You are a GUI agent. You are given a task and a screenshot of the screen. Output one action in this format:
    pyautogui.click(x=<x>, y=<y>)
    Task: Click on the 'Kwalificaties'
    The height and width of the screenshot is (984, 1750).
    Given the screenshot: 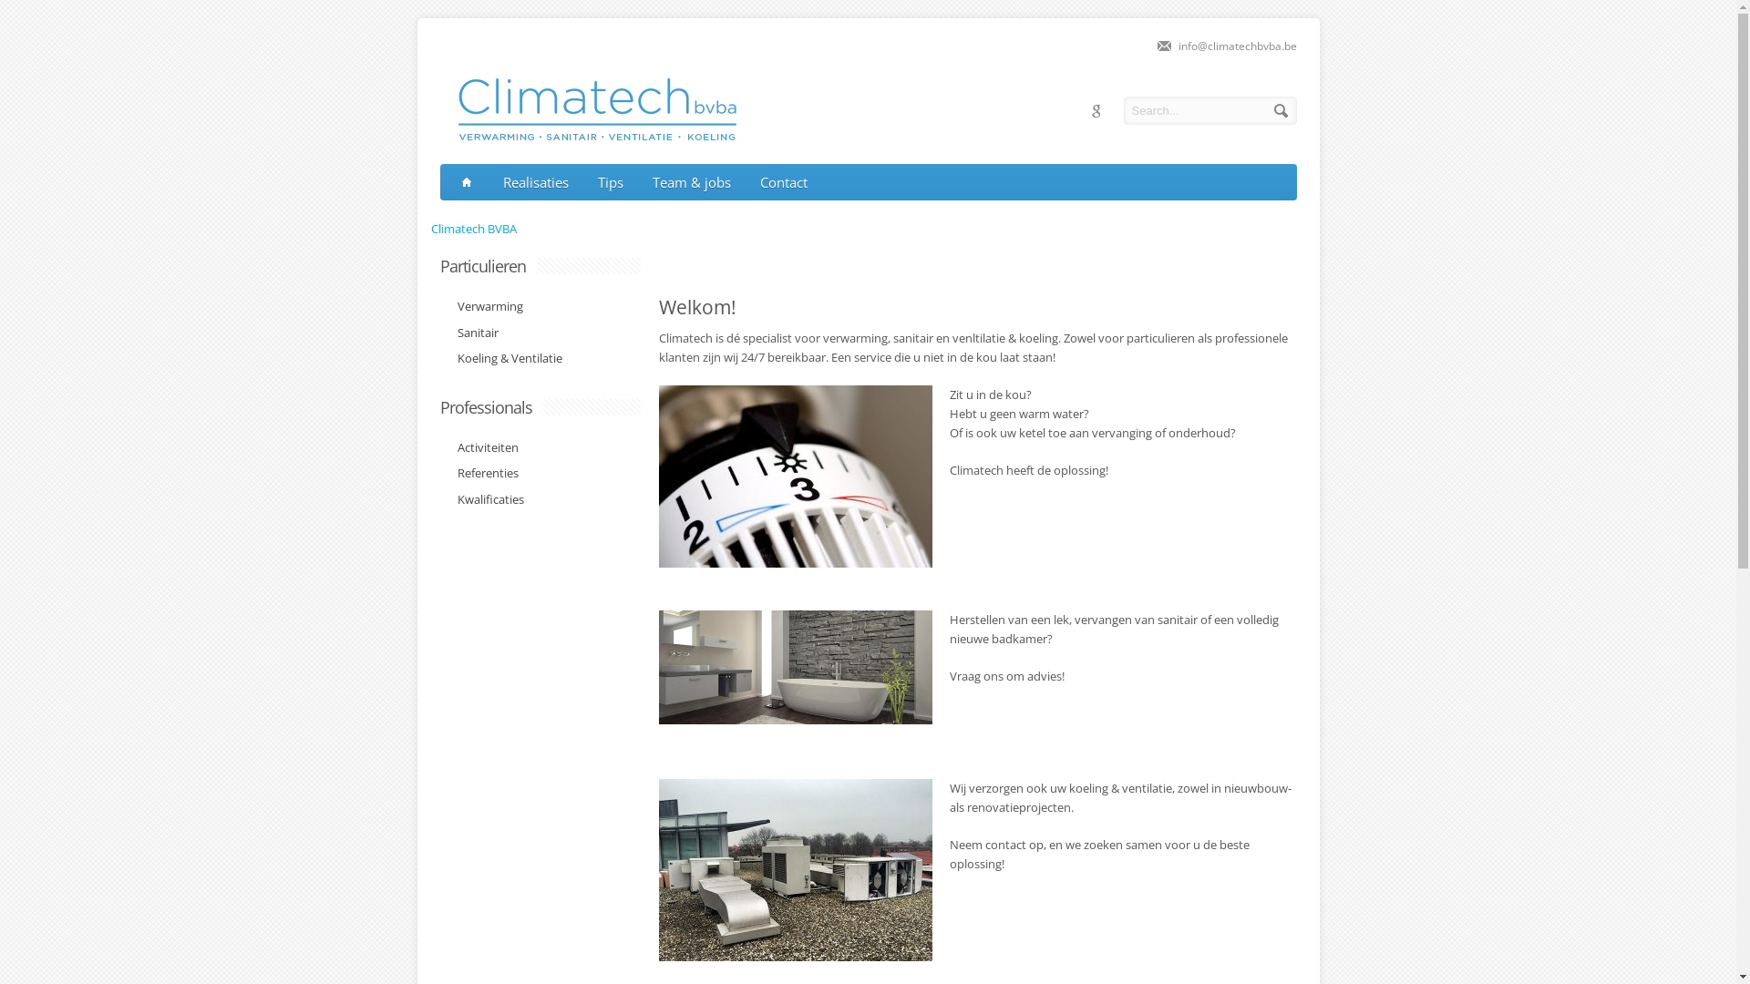 What is the action you would take?
    pyautogui.click(x=485, y=498)
    